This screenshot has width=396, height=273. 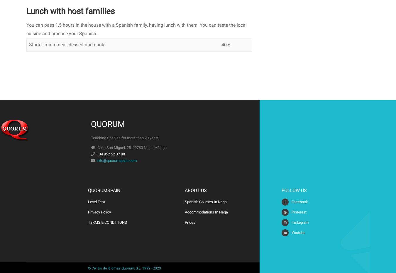 I want to click on 'info@quorumspain.com', so click(x=116, y=160).